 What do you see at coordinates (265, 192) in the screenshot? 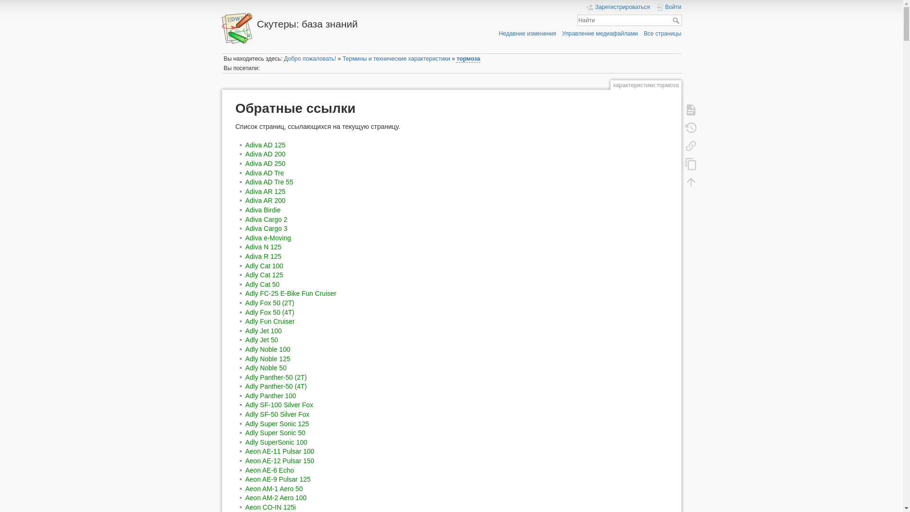
I see `'Adiva AR 125'` at bounding box center [265, 192].